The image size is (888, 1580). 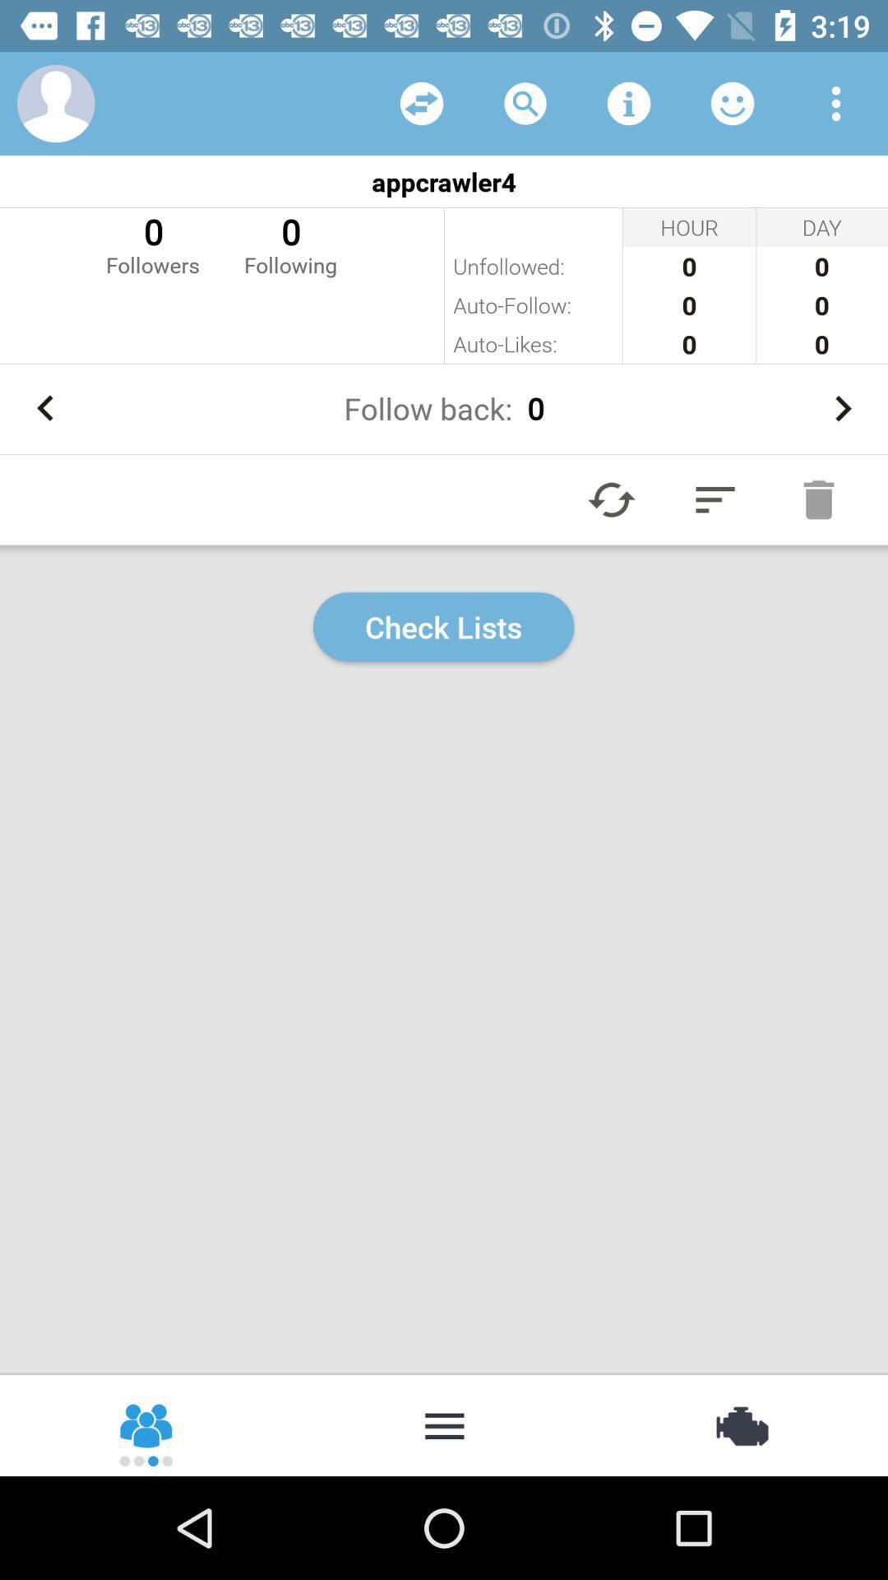 I want to click on search, so click(x=525, y=102).